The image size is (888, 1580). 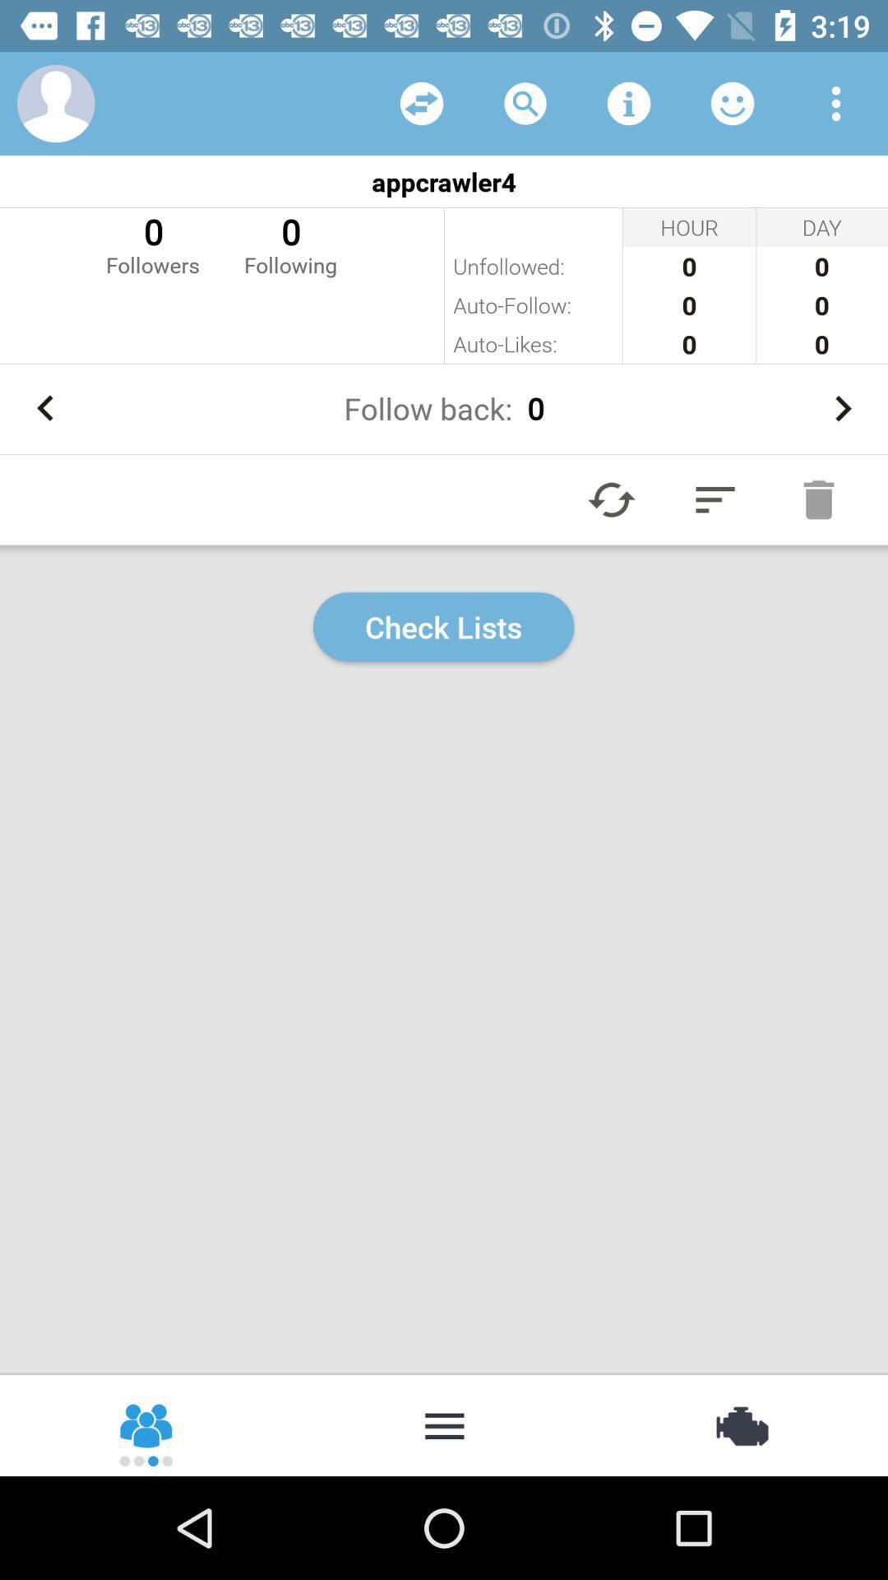 I want to click on search, so click(x=525, y=102).